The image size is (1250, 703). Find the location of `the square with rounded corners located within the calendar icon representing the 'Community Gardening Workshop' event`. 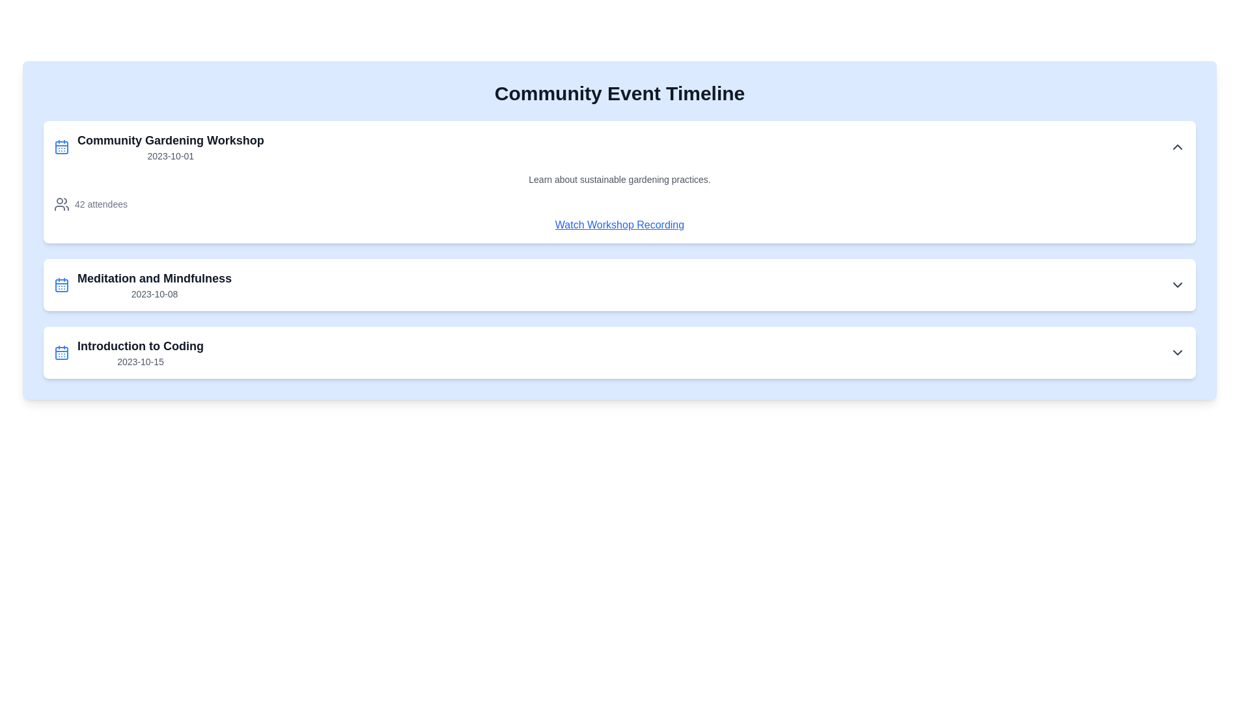

the square with rounded corners located within the calendar icon representing the 'Community Gardening Workshop' event is located at coordinates (61, 147).